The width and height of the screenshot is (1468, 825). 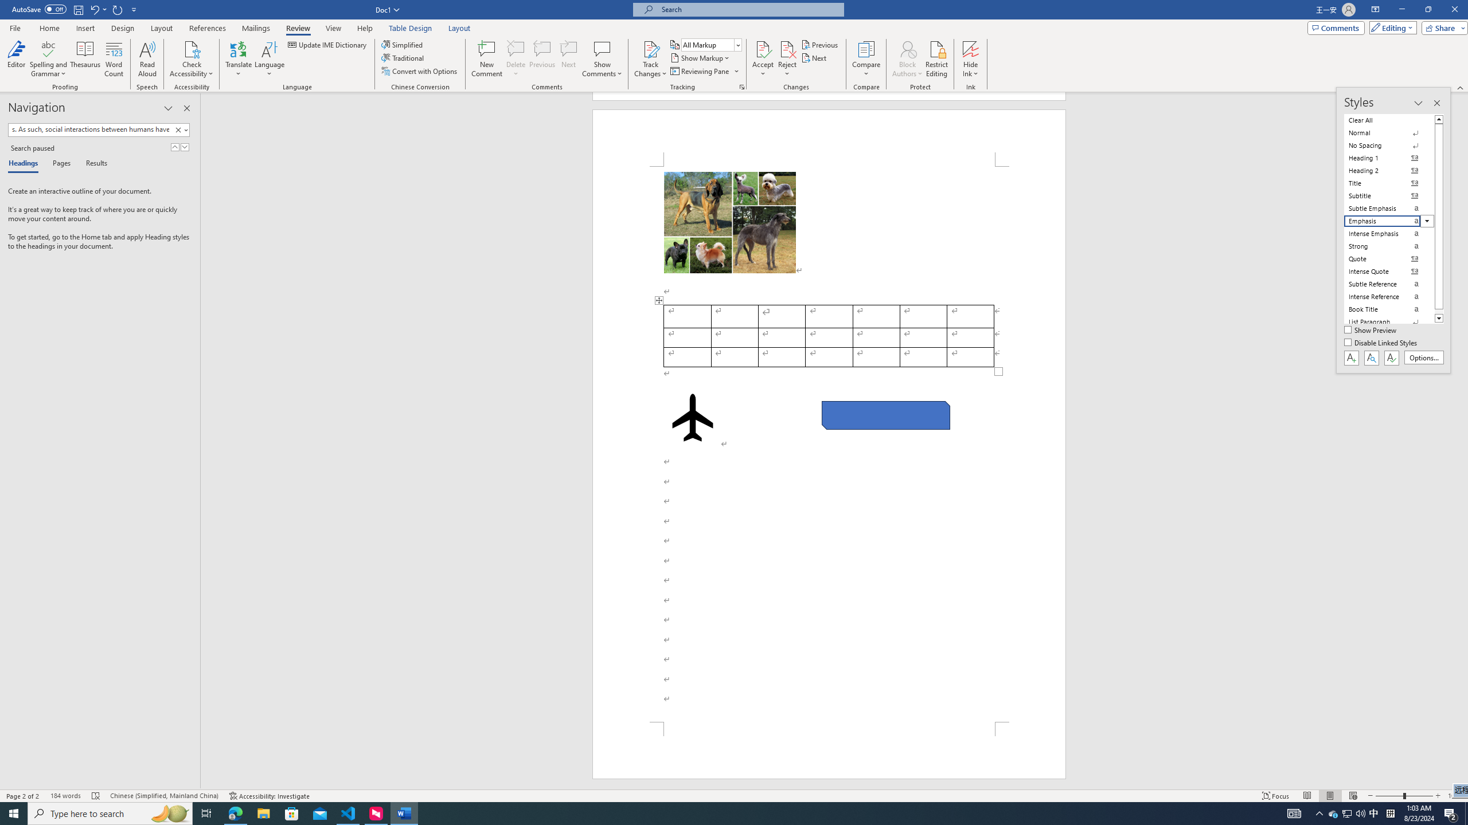 What do you see at coordinates (404, 57) in the screenshot?
I see `'Traditional'` at bounding box center [404, 57].